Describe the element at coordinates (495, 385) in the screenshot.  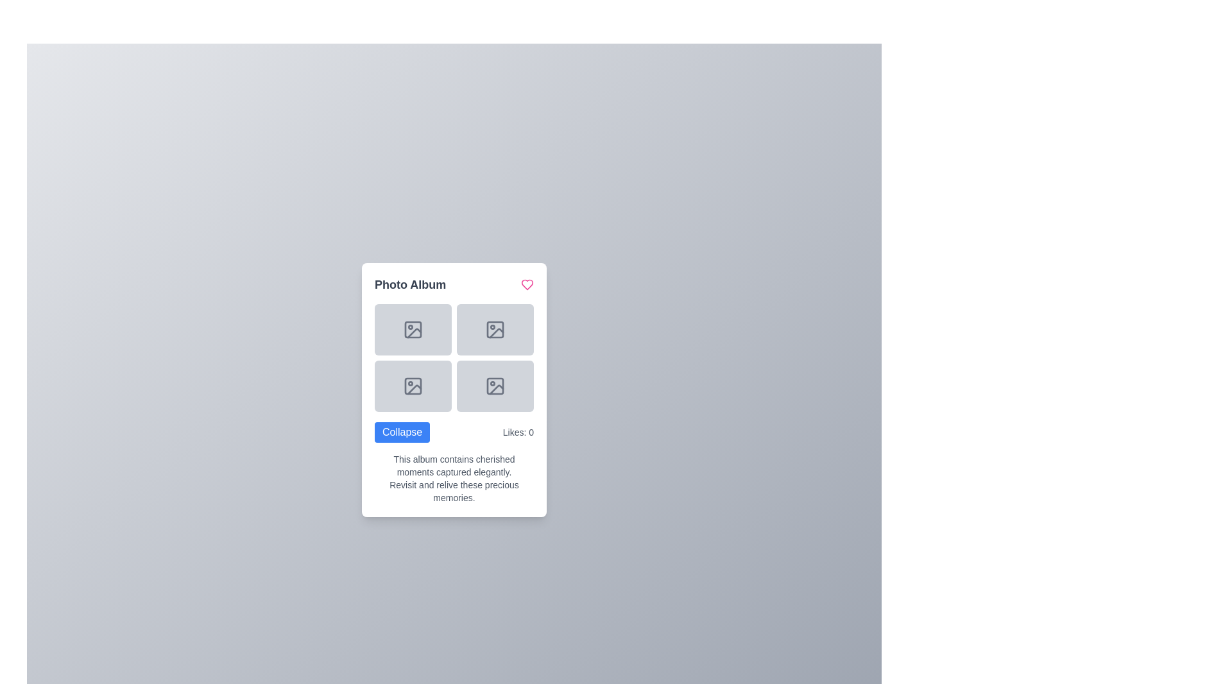
I see `the graphic placeholder rectangle with rounded corners in the lower-right cell of the grid in the 'Photo Album' component` at that location.